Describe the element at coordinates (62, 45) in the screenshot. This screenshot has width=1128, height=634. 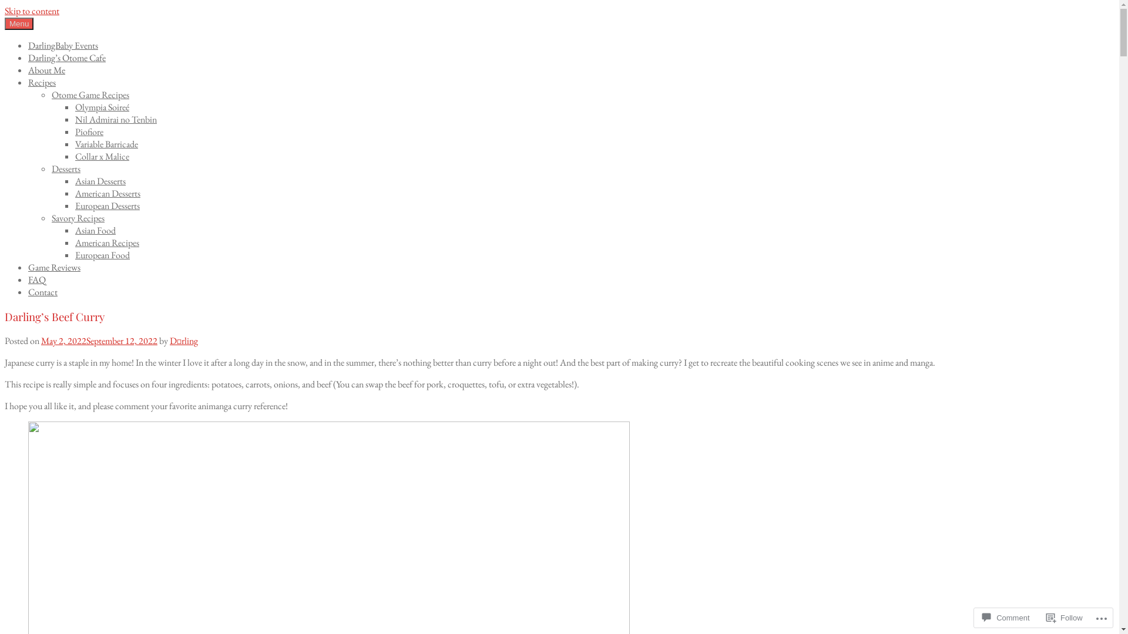
I see `'DarlingBaby Events'` at that location.